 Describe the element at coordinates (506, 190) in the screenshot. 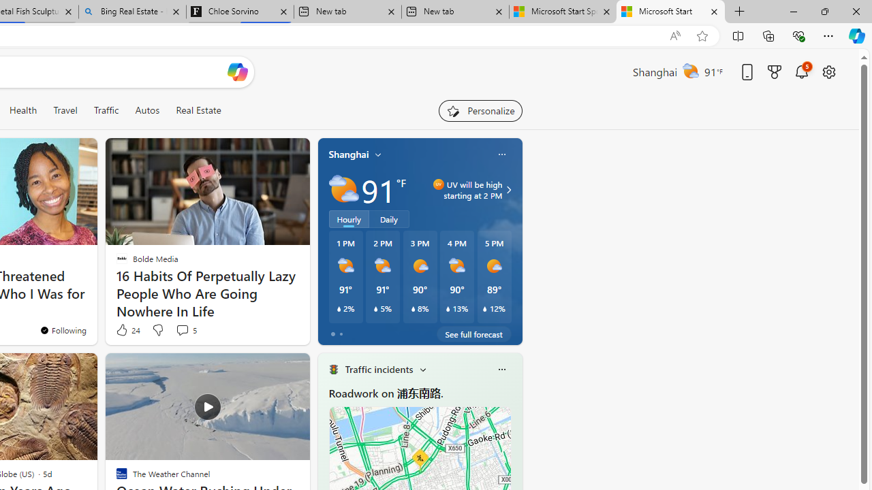

I see `'UV will be high starting at 2 PM'` at that location.